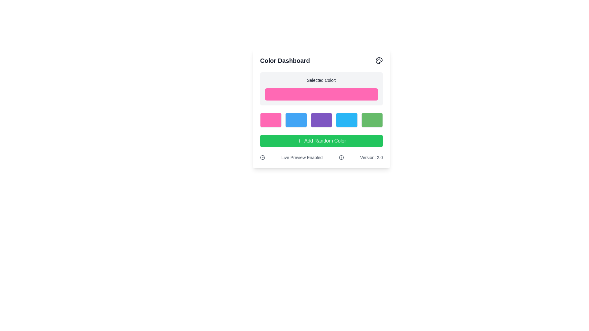  What do you see at coordinates (321, 89) in the screenshot?
I see `the pink rectangle` at bounding box center [321, 89].